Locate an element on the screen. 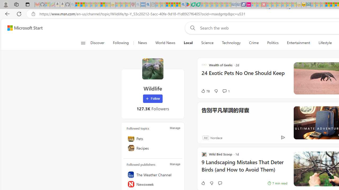  'Wildlife' is located at coordinates (153, 69).